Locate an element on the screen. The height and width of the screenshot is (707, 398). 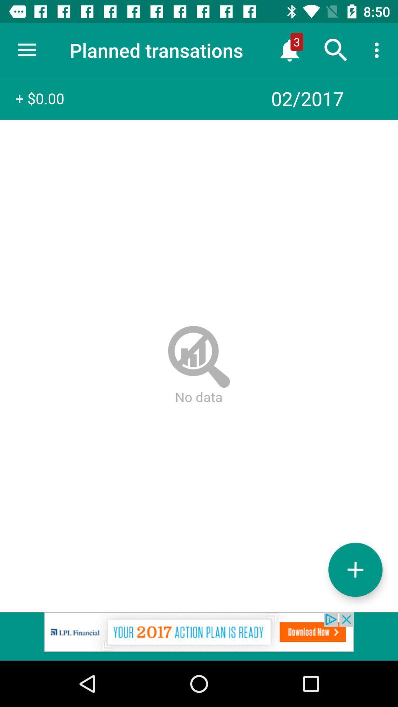
add option is located at coordinates (355, 569).